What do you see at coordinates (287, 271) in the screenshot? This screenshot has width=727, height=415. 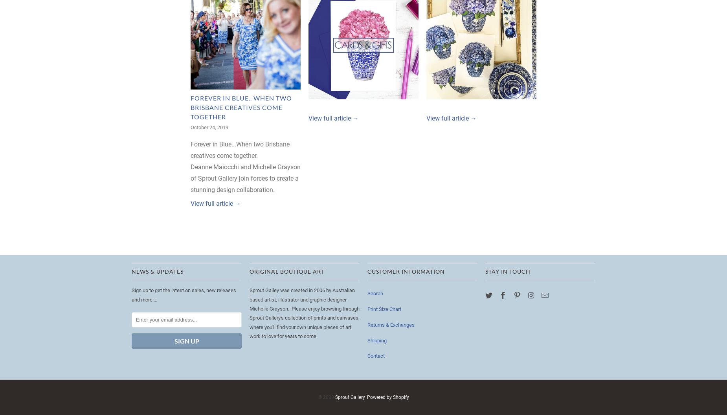 I see `'Original Boutique art'` at bounding box center [287, 271].